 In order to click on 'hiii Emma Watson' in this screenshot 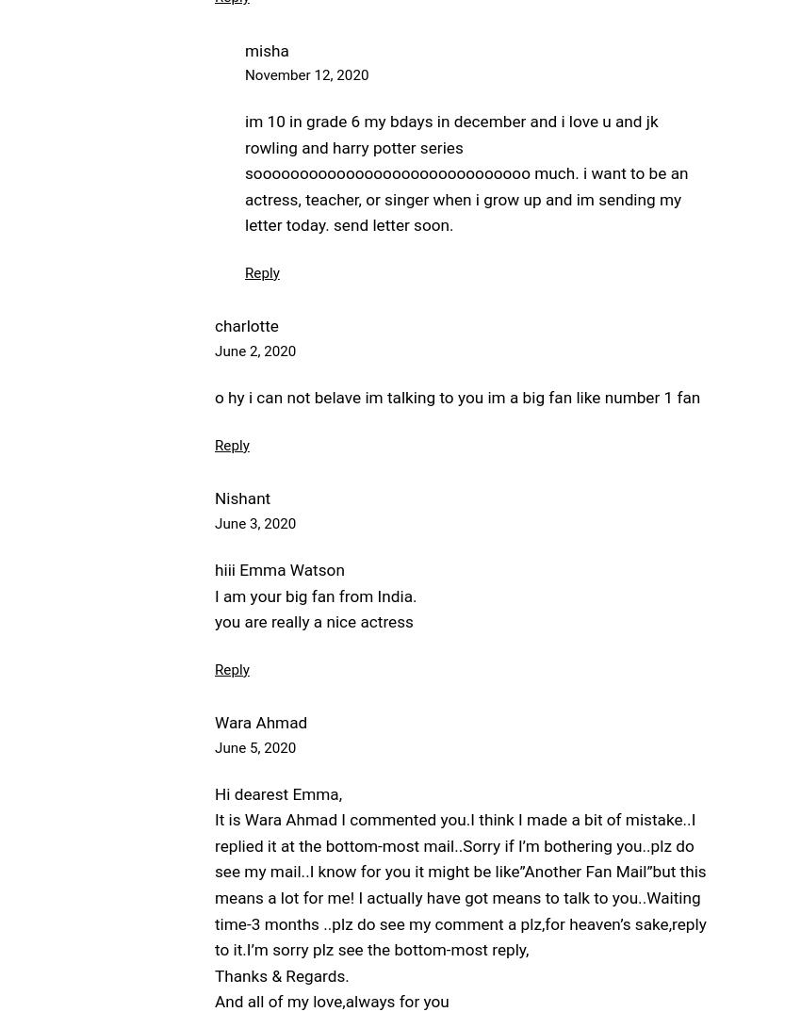, I will do `click(278, 569)`.